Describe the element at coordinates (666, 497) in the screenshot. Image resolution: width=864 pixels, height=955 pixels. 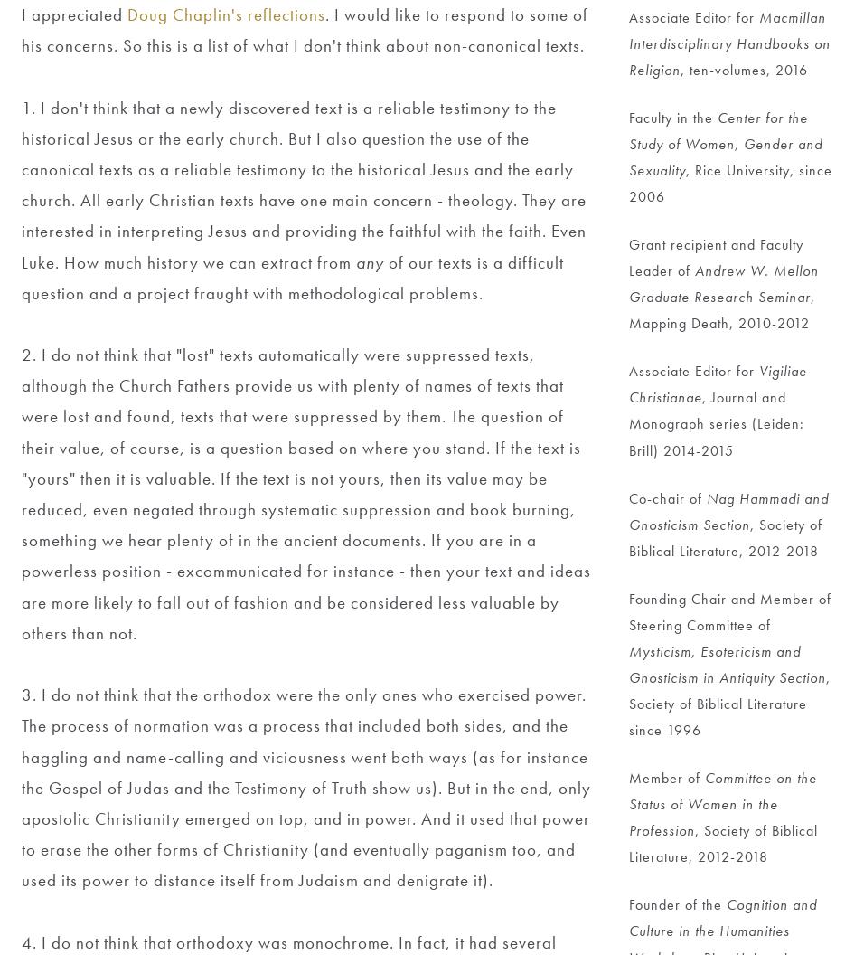
I see `'Co-chair of'` at that location.